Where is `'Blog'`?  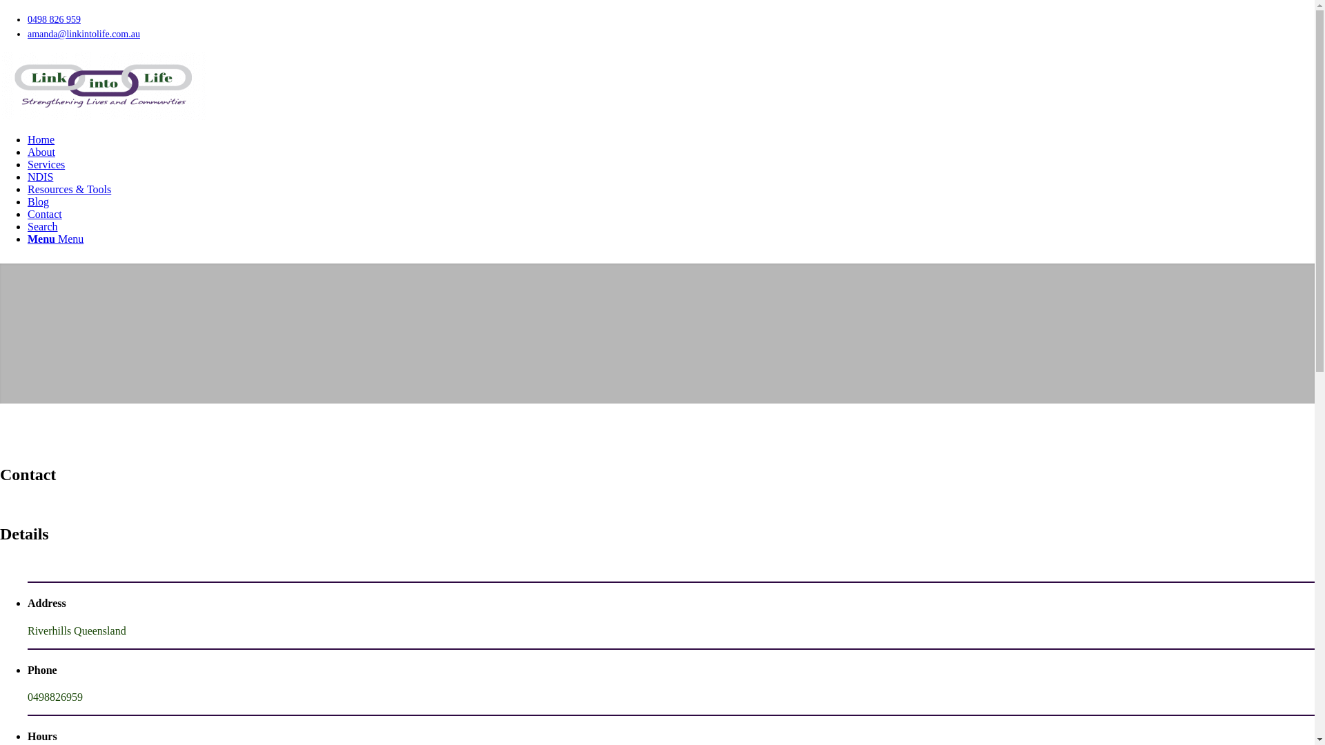
'Blog' is located at coordinates (38, 201).